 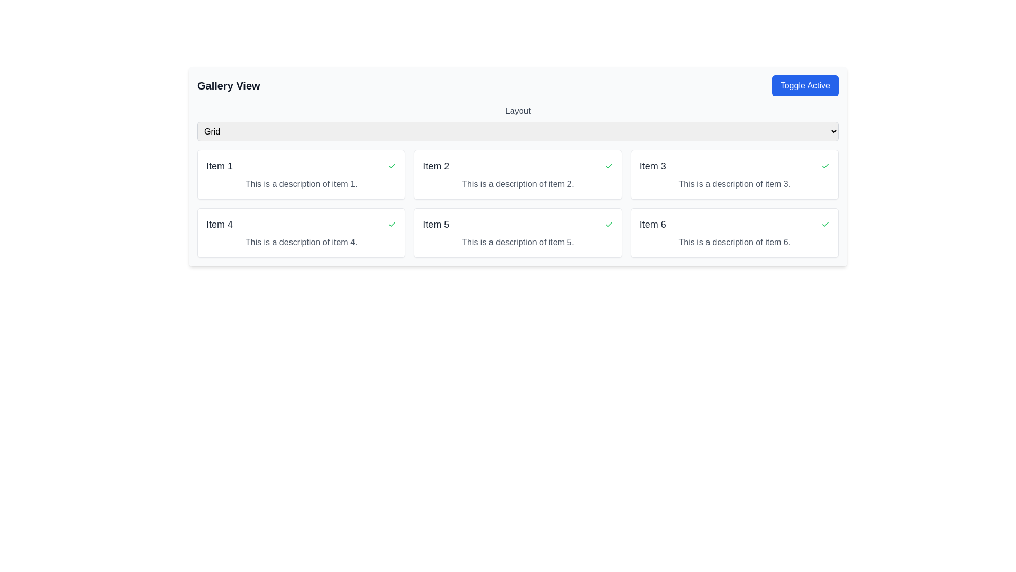 What do you see at coordinates (392, 224) in the screenshot?
I see `the status indicated by the checkmark icon located on the right side of the 'Item 4' section in the second row of the grid layout` at bounding box center [392, 224].